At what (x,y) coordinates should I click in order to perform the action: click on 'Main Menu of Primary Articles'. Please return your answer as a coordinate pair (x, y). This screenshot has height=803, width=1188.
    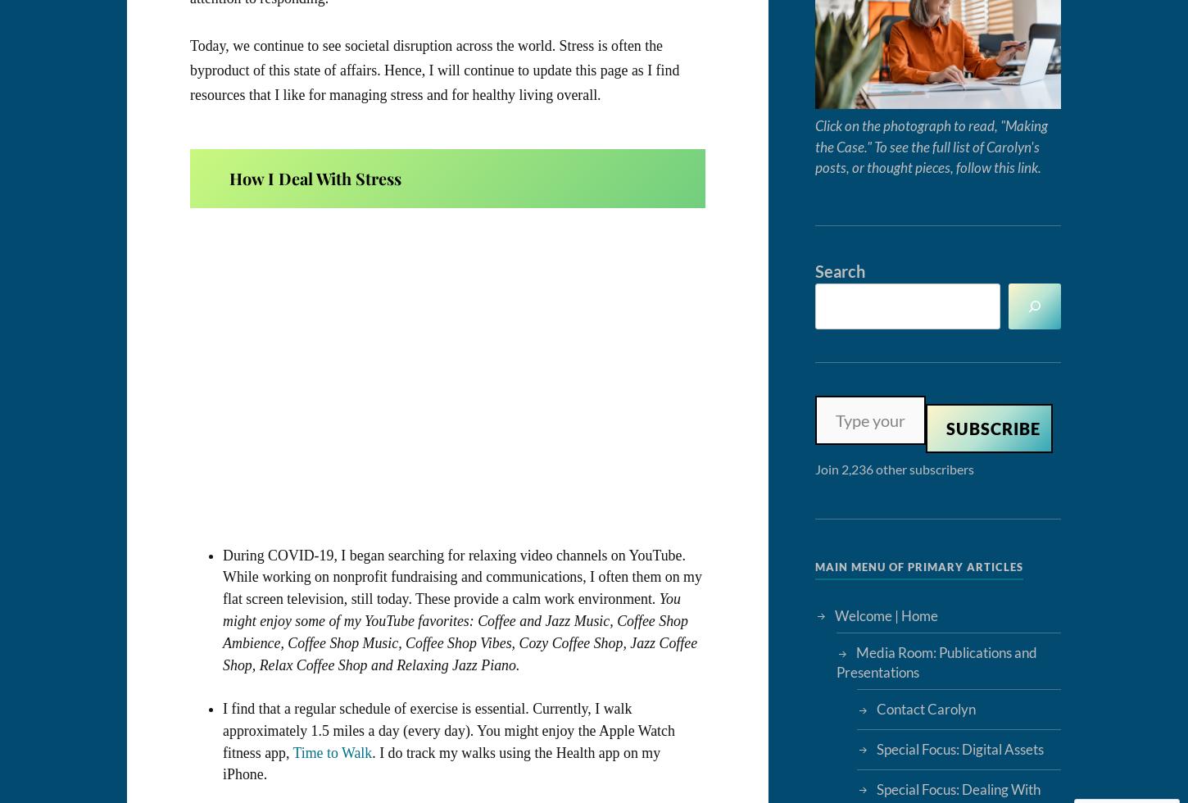
    Looking at the image, I should click on (918, 565).